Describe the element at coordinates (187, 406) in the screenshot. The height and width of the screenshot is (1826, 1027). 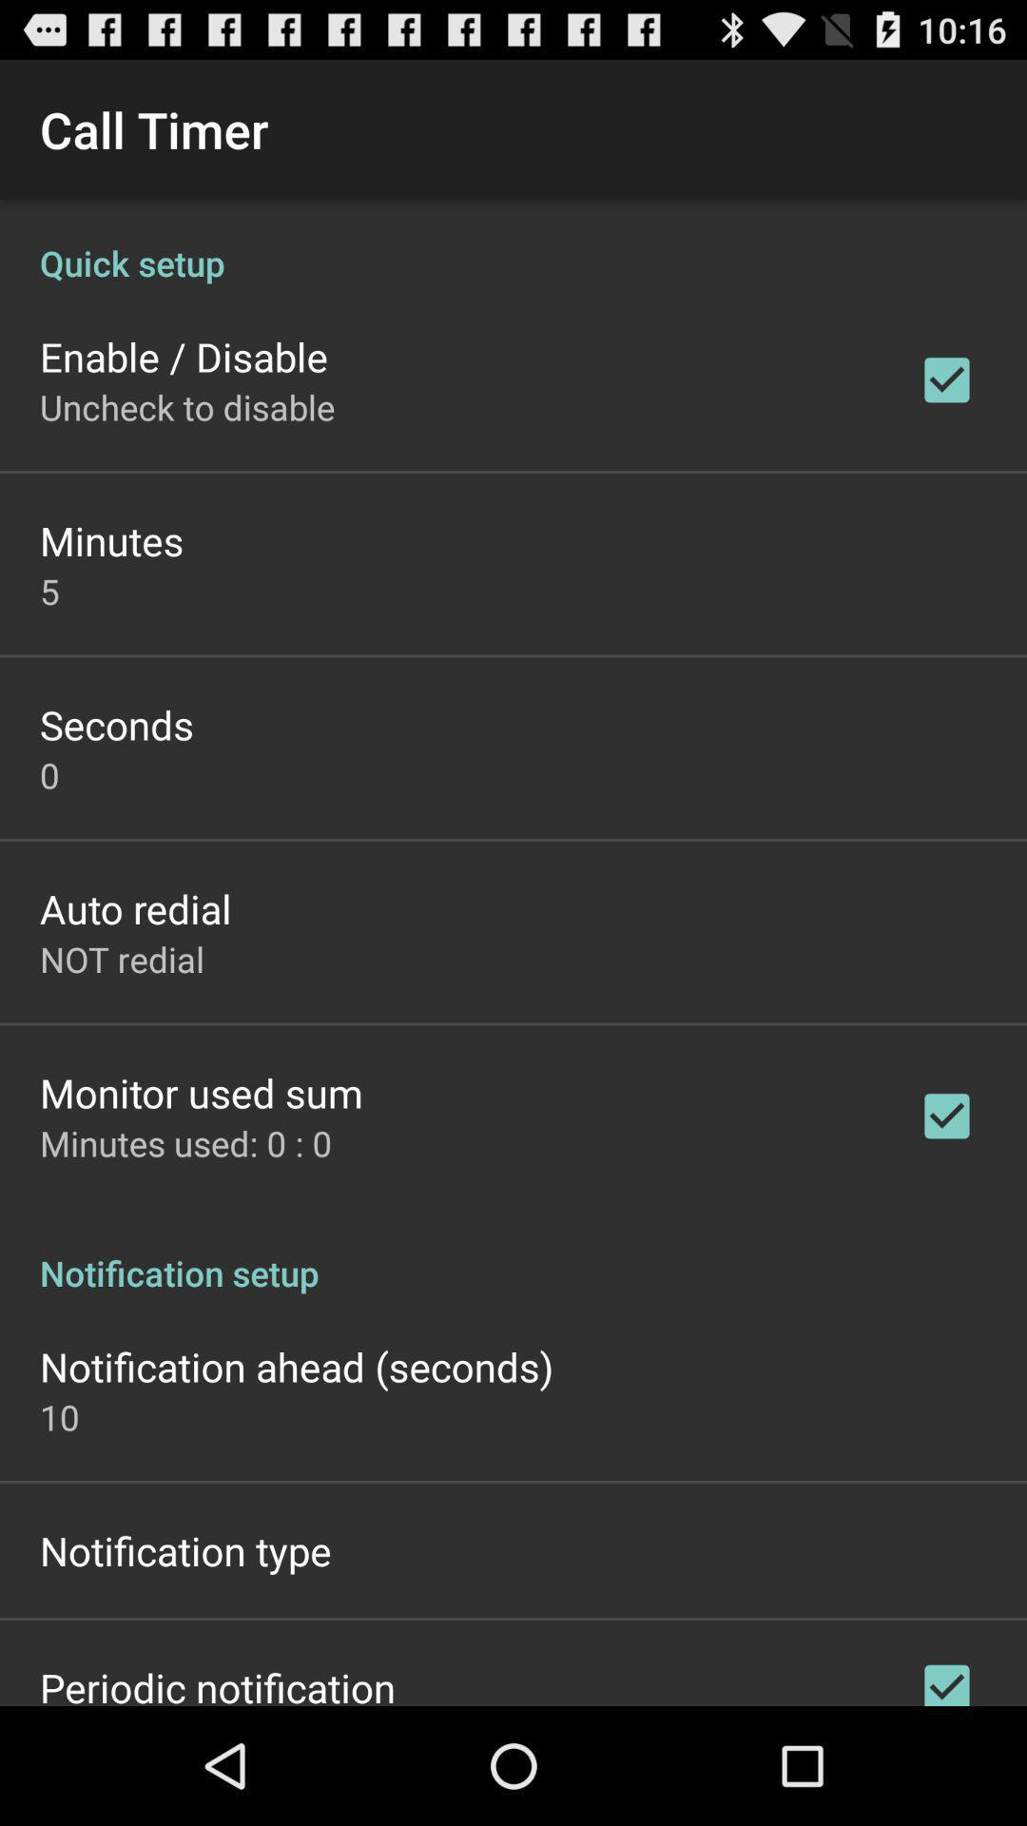
I see `the app below the enable / disable item` at that location.